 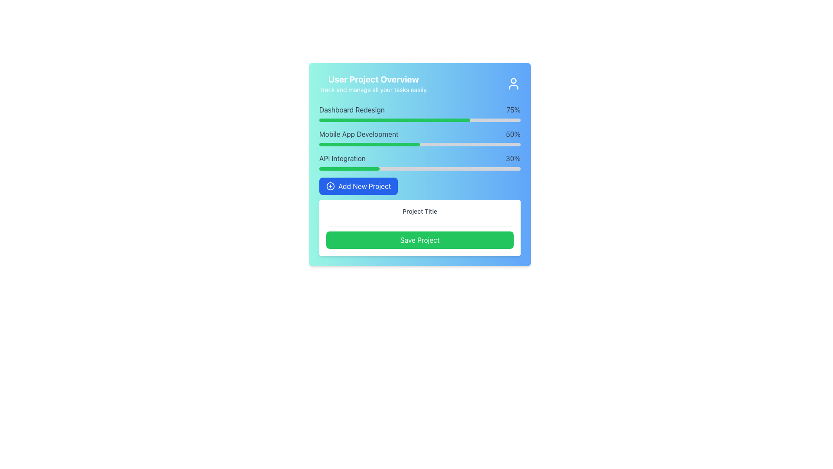 What do you see at coordinates (420, 169) in the screenshot?
I see `the third progress bar representing 'API Integration' with a completion percentage of '30%.'` at bounding box center [420, 169].